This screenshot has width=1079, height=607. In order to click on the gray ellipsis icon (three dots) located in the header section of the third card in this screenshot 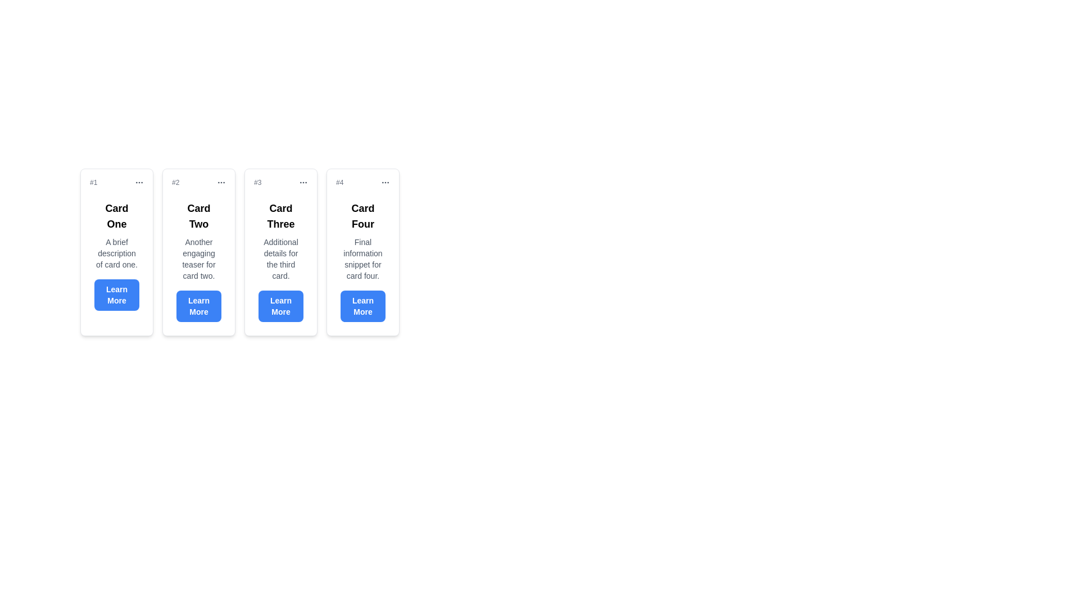, I will do `click(303, 182)`.